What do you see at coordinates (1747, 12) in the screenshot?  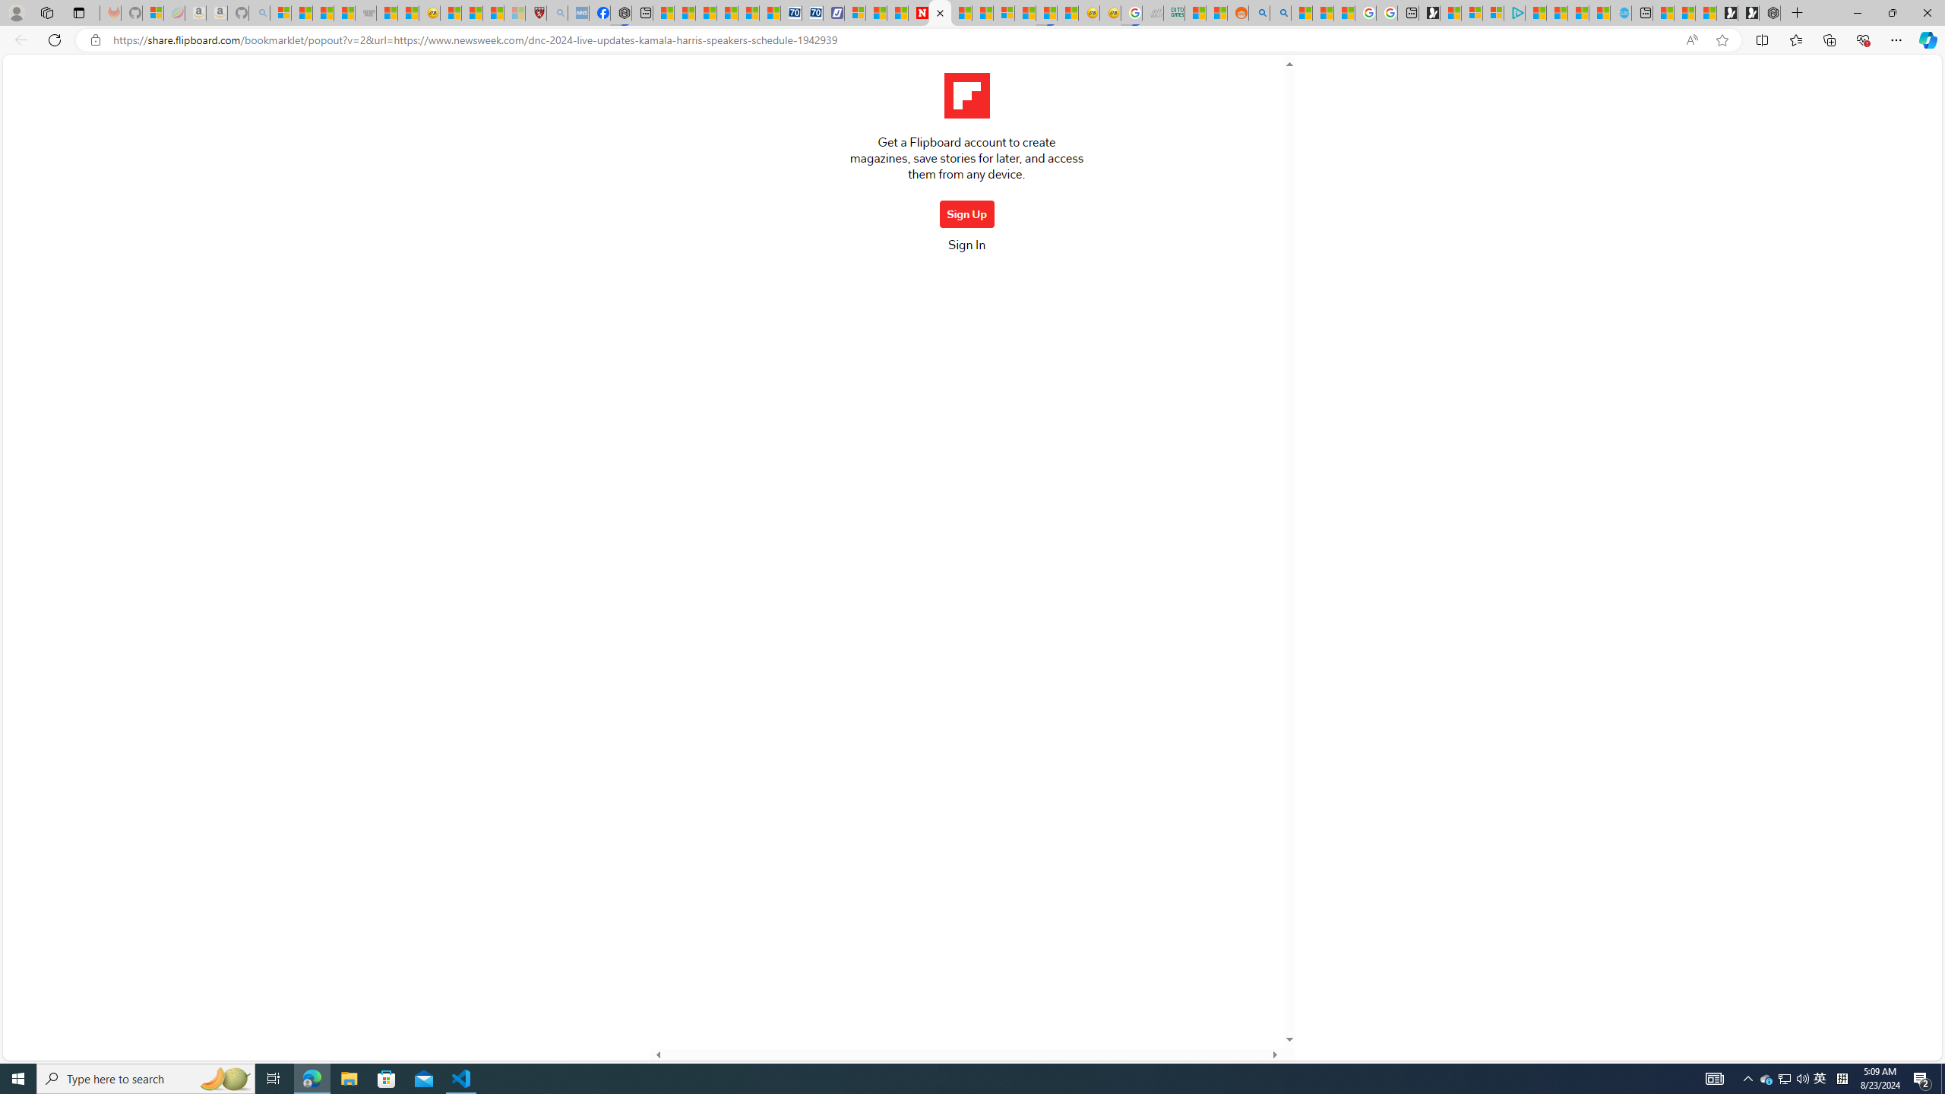 I see `'Play Free Online Games | Games from Microsoft Start'` at bounding box center [1747, 12].